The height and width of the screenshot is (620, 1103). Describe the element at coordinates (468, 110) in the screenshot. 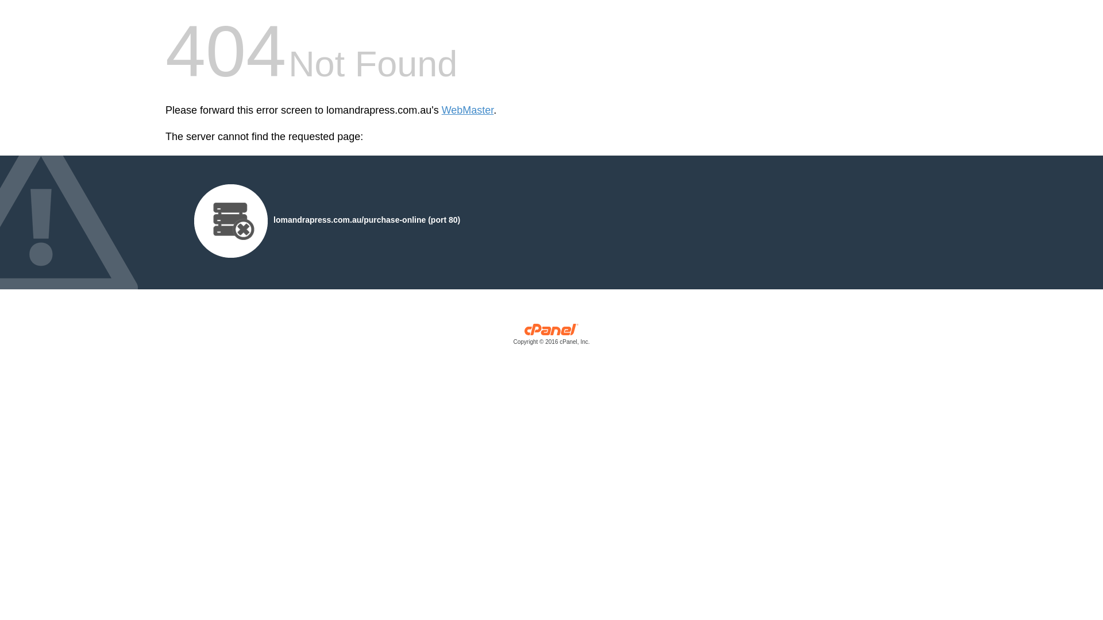

I see `'WebMaster'` at that location.